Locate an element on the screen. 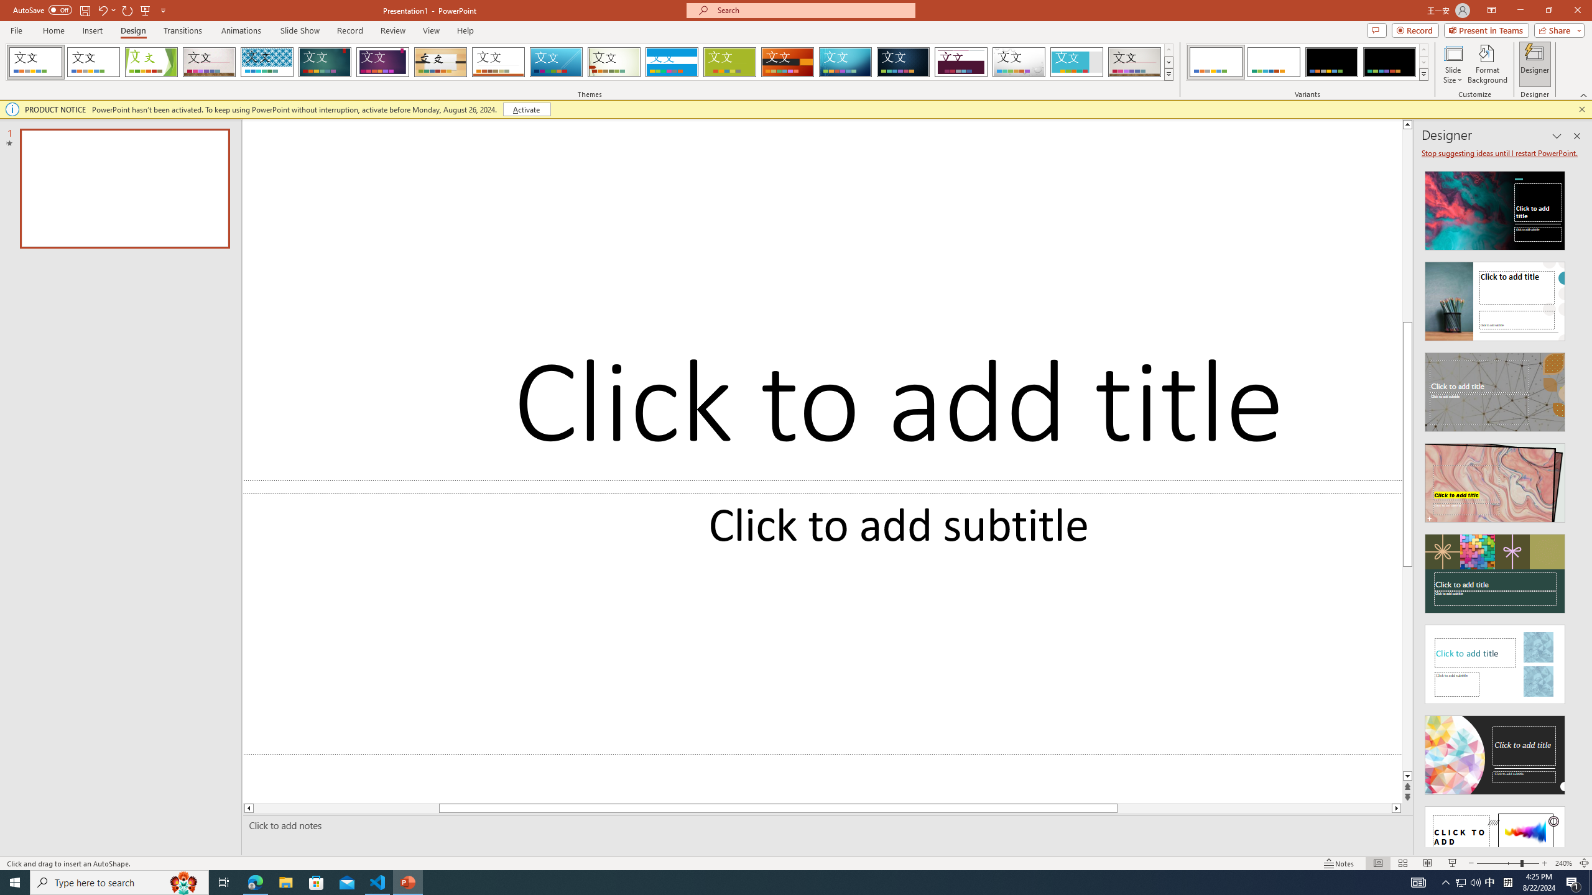  'Banded' is located at coordinates (672, 62).